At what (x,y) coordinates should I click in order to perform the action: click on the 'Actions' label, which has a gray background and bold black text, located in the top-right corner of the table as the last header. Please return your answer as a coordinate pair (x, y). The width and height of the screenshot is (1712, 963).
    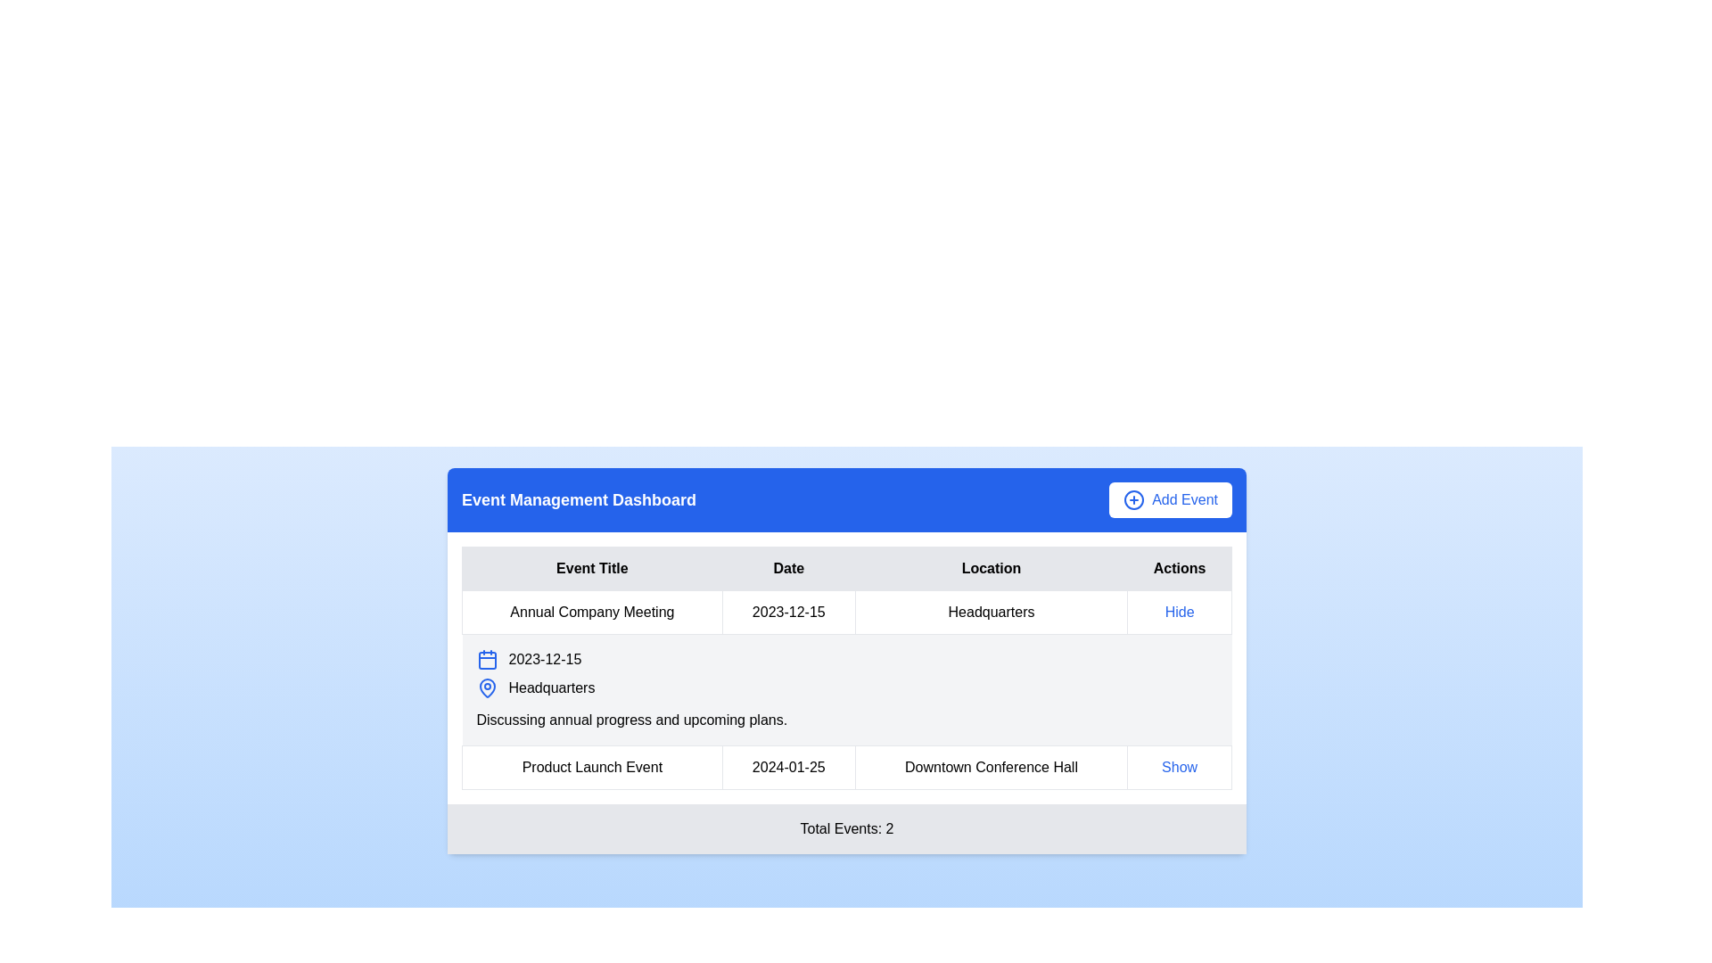
    Looking at the image, I should click on (1180, 568).